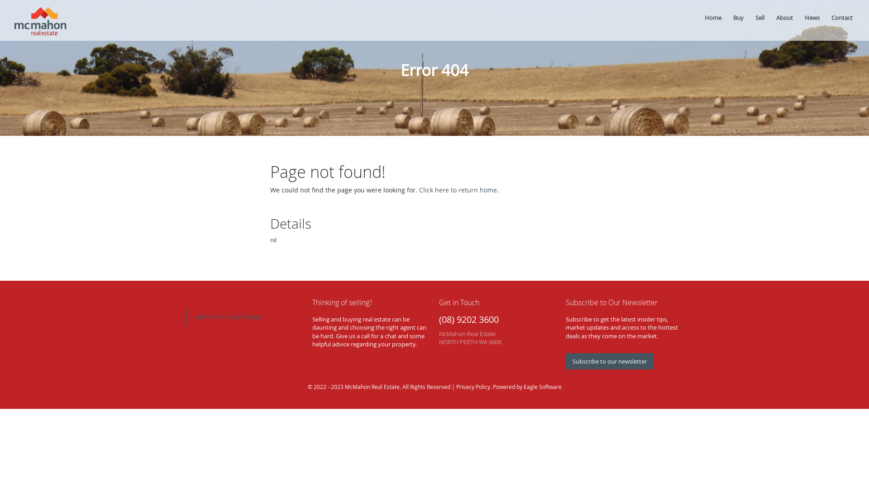  What do you see at coordinates (473, 386) in the screenshot?
I see `'Privacy Policy'` at bounding box center [473, 386].